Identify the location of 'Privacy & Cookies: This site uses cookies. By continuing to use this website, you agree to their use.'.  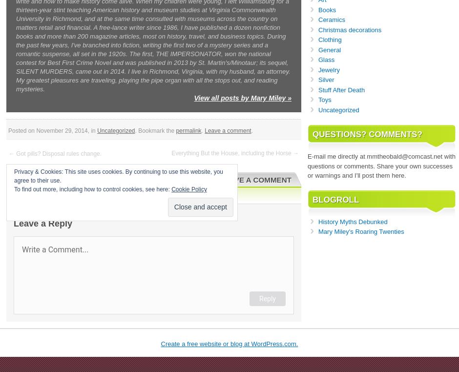
(118, 176).